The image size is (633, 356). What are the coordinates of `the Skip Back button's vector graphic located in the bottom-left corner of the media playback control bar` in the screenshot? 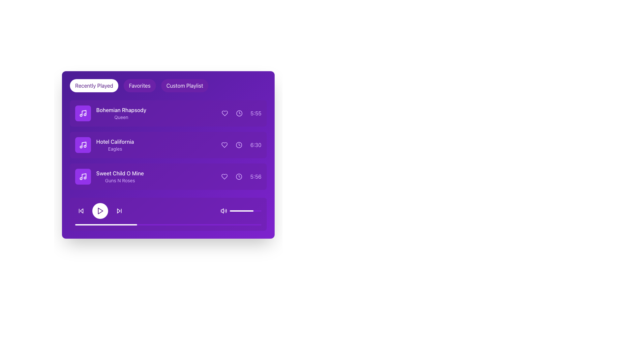 It's located at (81, 211).